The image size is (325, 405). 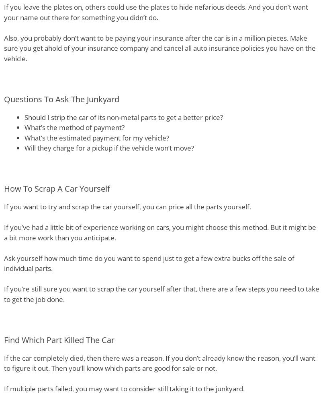 I want to click on 'Will they charge for a pickup if the vehicle won’t move?', so click(x=109, y=147).